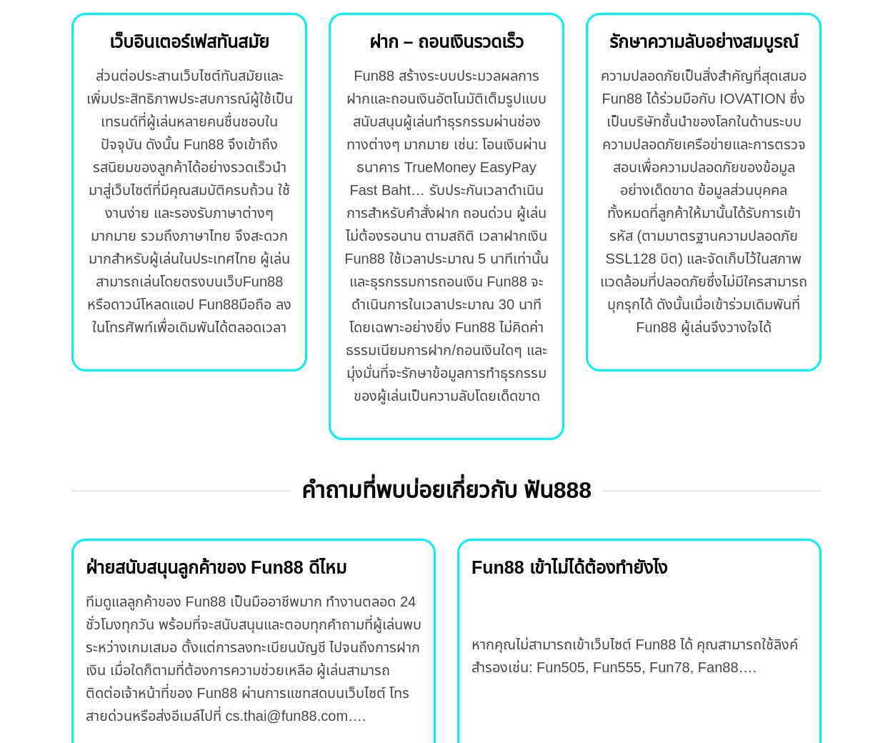 This screenshot has height=743, width=893. Describe the element at coordinates (482, 281) in the screenshot. I see `'ถอนเงิน Fun88'` at that location.